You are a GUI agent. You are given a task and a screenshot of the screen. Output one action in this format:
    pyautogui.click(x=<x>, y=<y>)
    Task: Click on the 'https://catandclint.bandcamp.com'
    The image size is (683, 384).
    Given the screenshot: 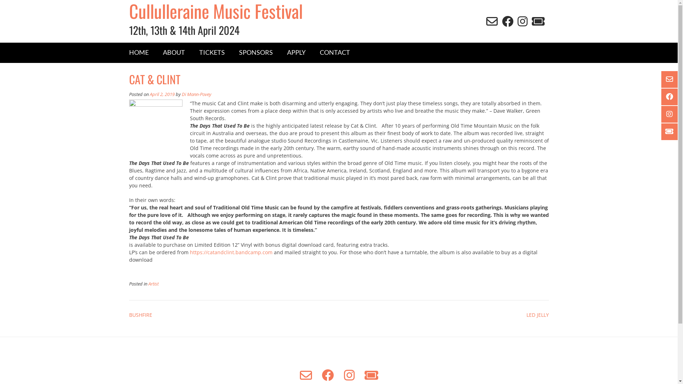 What is the action you would take?
    pyautogui.click(x=231, y=252)
    